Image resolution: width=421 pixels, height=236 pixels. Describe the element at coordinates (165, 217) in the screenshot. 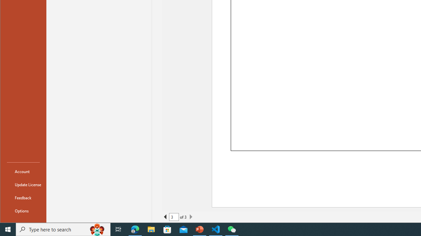

I see `'Previous Page'` at that location.